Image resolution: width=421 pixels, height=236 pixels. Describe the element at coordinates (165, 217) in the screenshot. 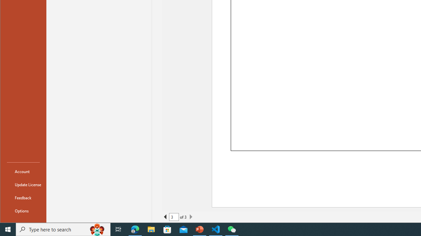

I see `'Previous Page'` at that location.